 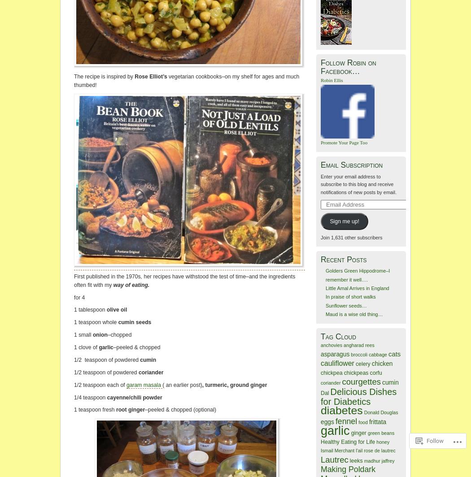 What do you see at coordinates (343, 260) in the screenshot?
I see `'Recent Posts'` at bounding box center [343, 260].